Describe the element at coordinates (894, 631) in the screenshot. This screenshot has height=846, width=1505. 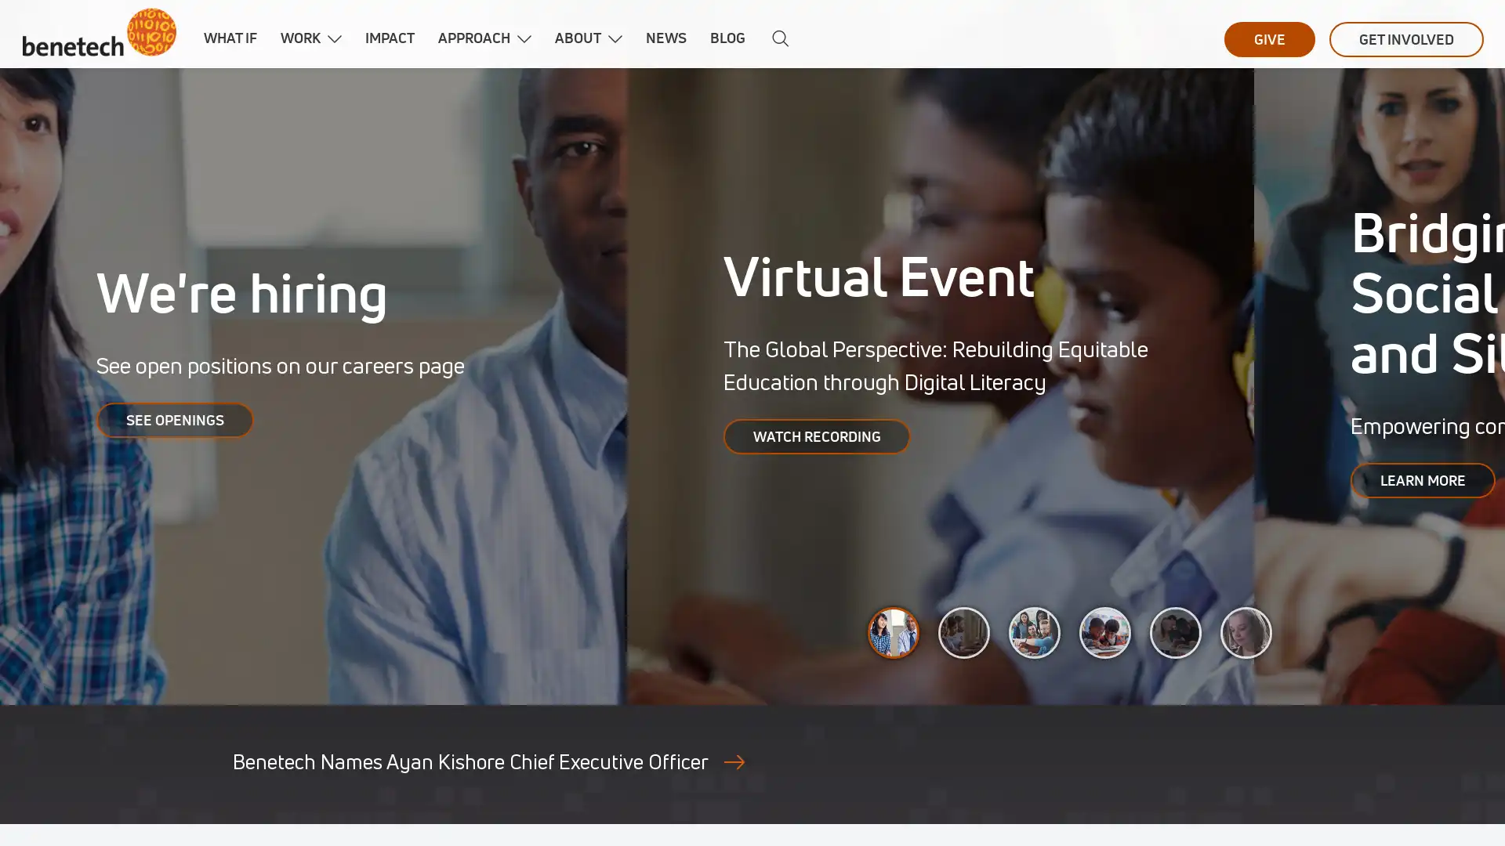
I see `We're hiring` at that location.